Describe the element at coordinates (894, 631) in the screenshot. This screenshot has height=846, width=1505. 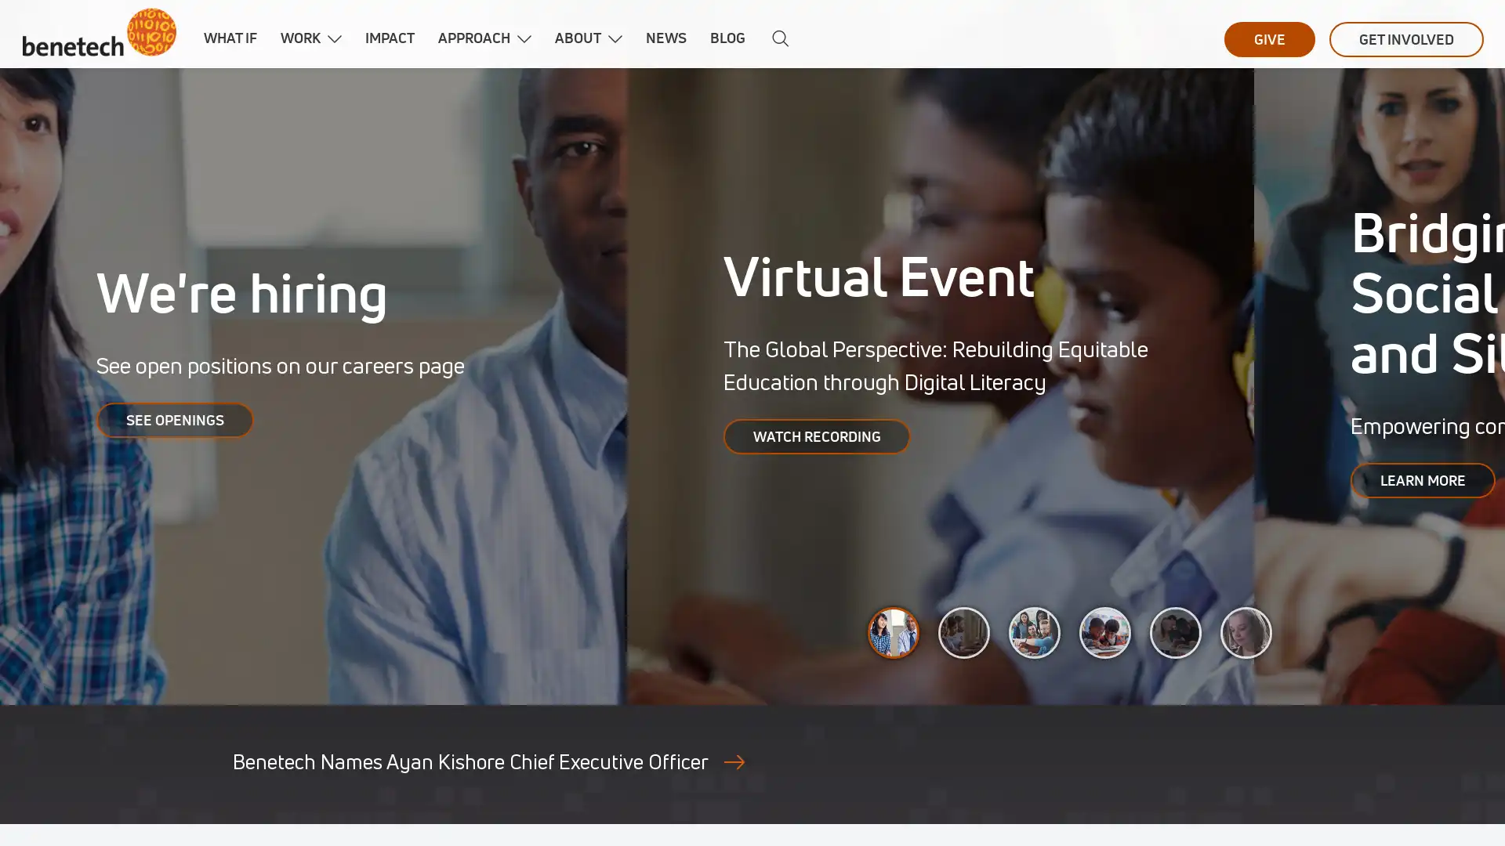
I see `We're hiring` at that location.